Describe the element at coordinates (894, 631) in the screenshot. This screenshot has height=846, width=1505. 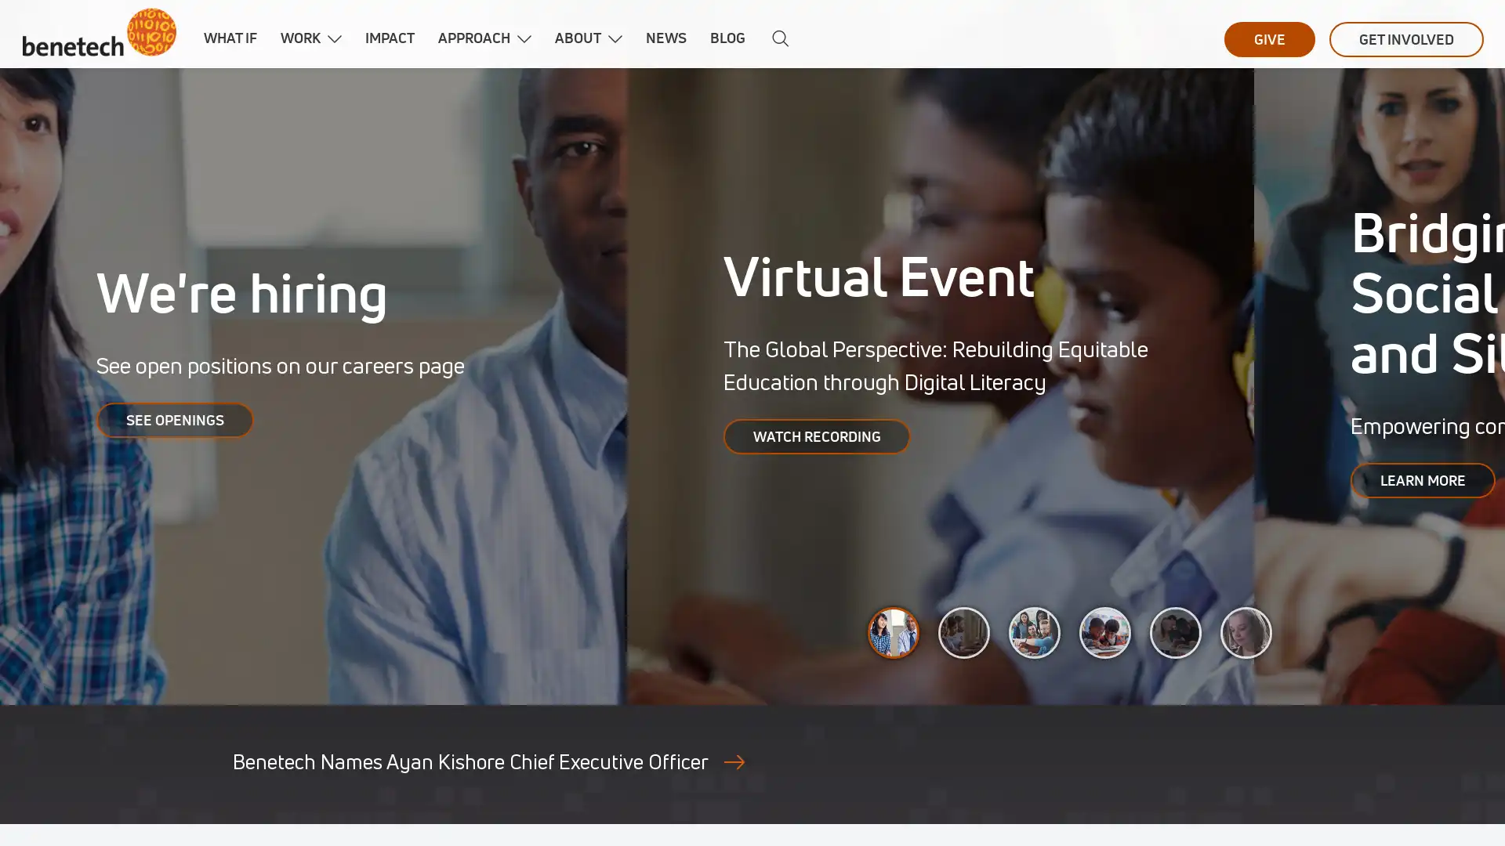
I see `We're hiring` at that location.